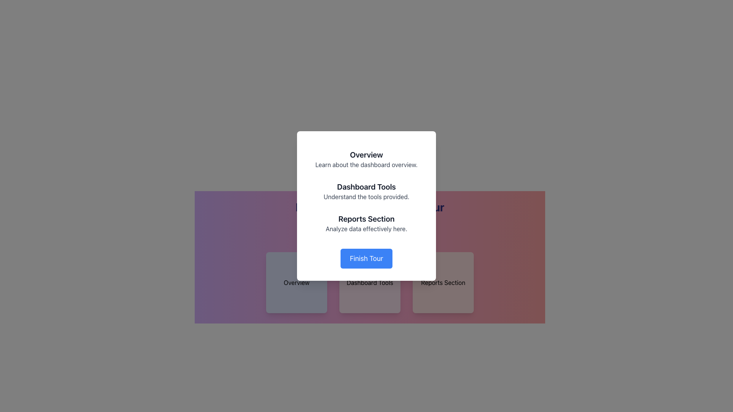 This screenshot has width=733, height=412. Describe the element at coordinates (366, 258) in the screenshot. I see `the button located at the bottom center of the modal, beneath the 'Reports Section', to conclude the current tour` at that location.